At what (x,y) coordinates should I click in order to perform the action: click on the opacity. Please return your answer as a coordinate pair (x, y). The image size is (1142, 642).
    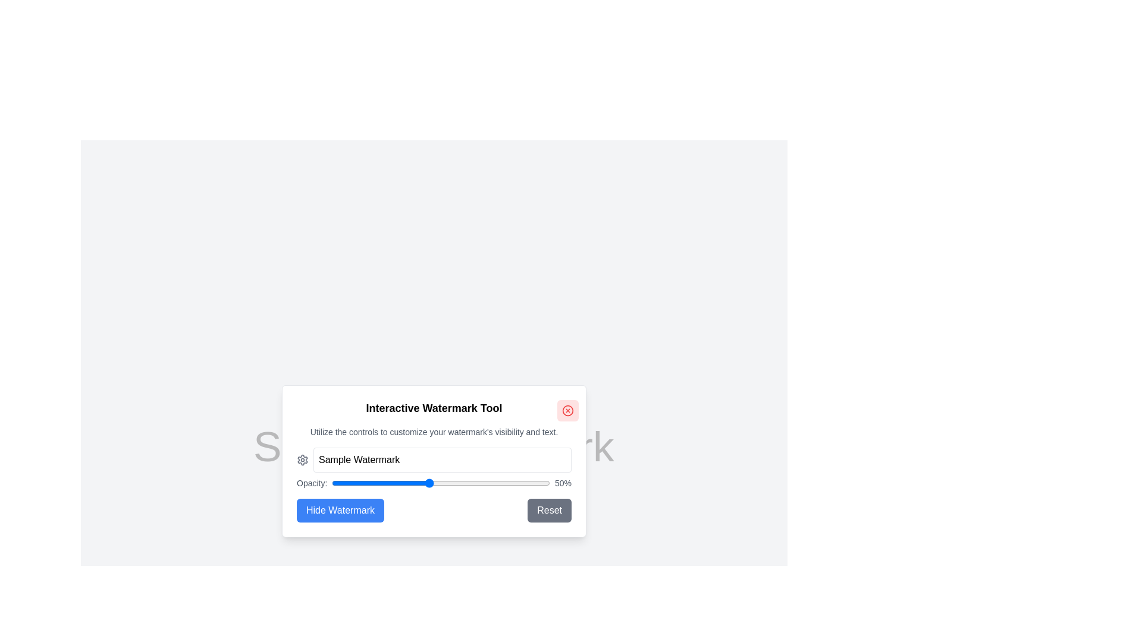
    Looking at the image, I should click on (426, 483).